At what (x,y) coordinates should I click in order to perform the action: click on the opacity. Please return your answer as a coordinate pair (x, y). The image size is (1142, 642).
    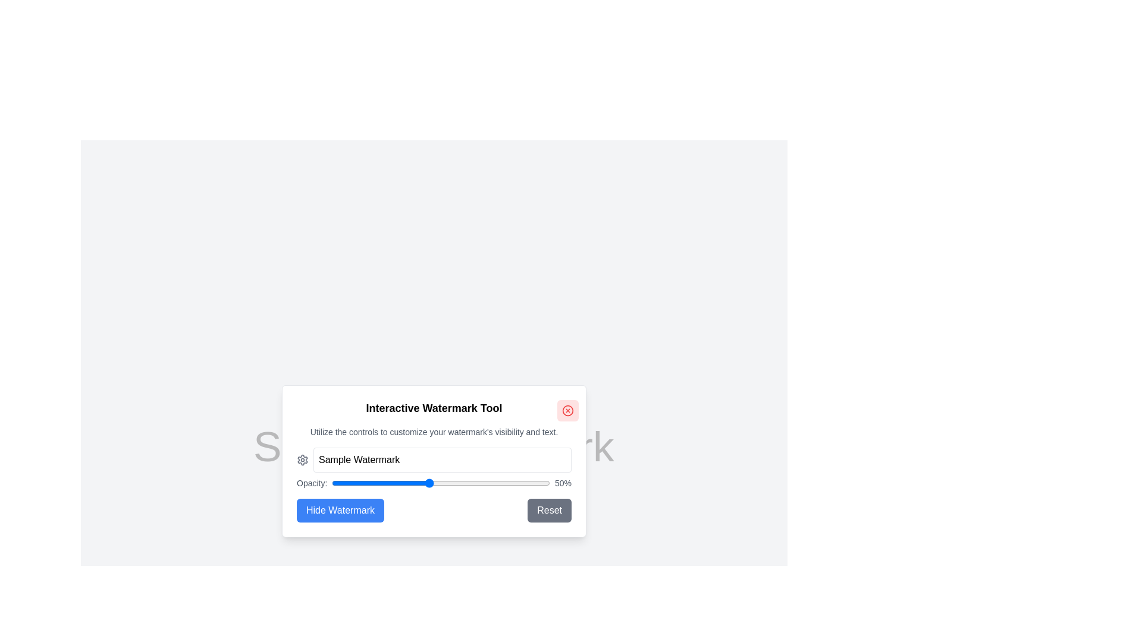
    Looking at the image, I should click on (426, 483).